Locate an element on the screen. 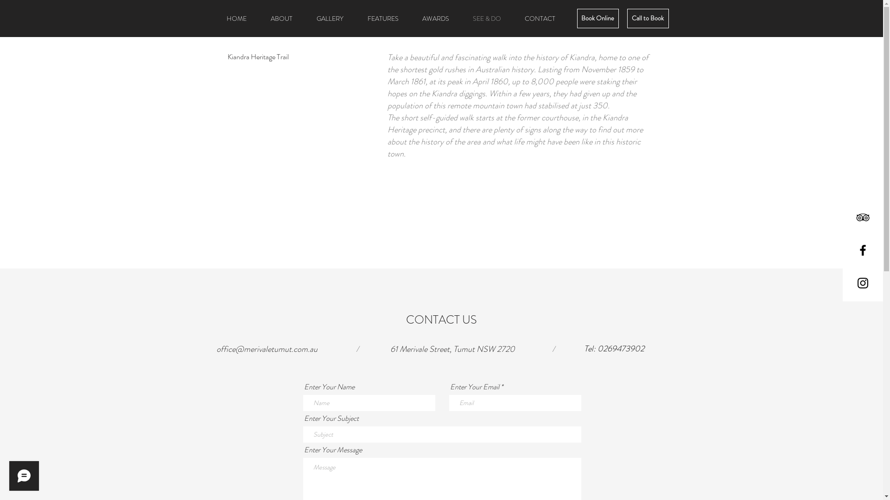 The height and width of the screenshot is (500, 890). 'ABOUT' is located at coordinates (281, 18).